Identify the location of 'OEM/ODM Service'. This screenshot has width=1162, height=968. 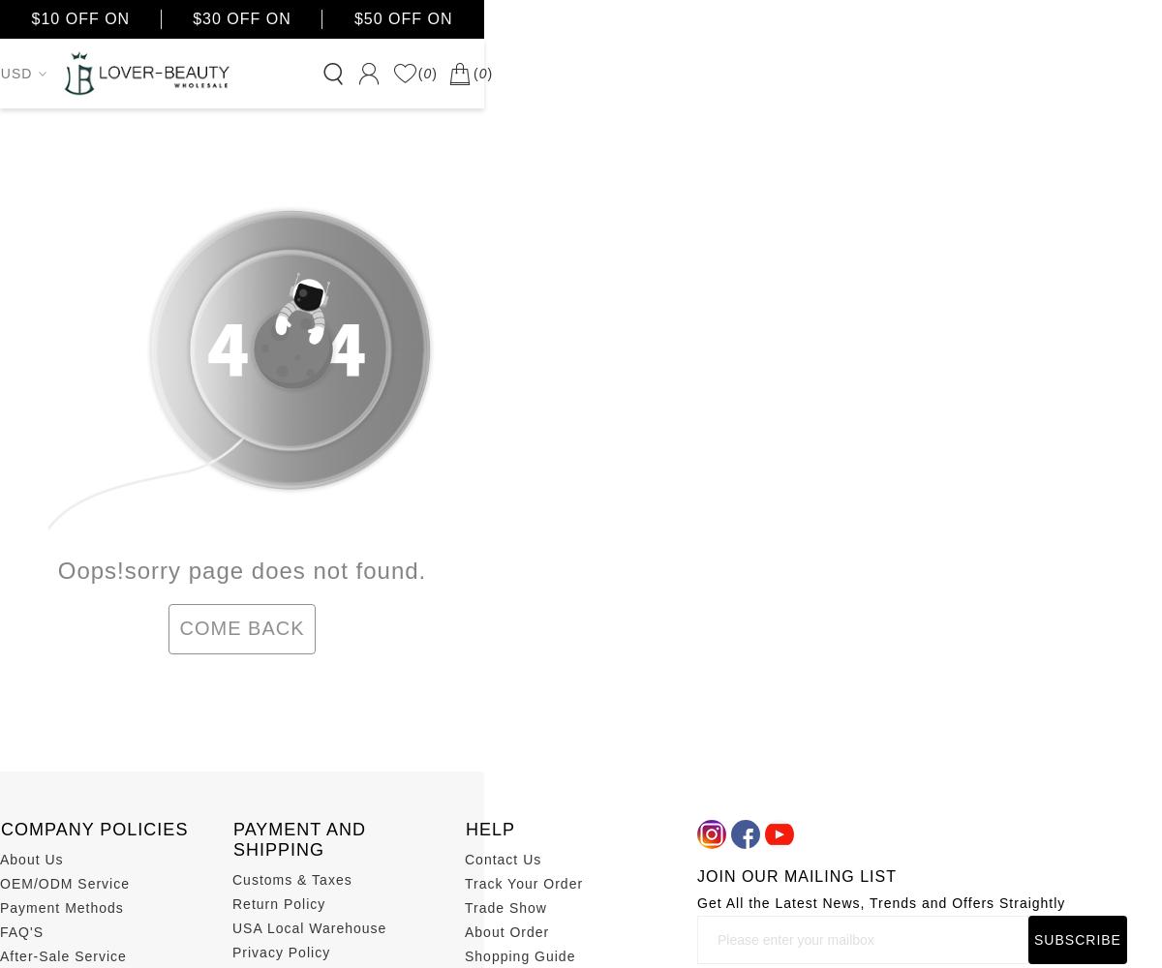
(0, 883).